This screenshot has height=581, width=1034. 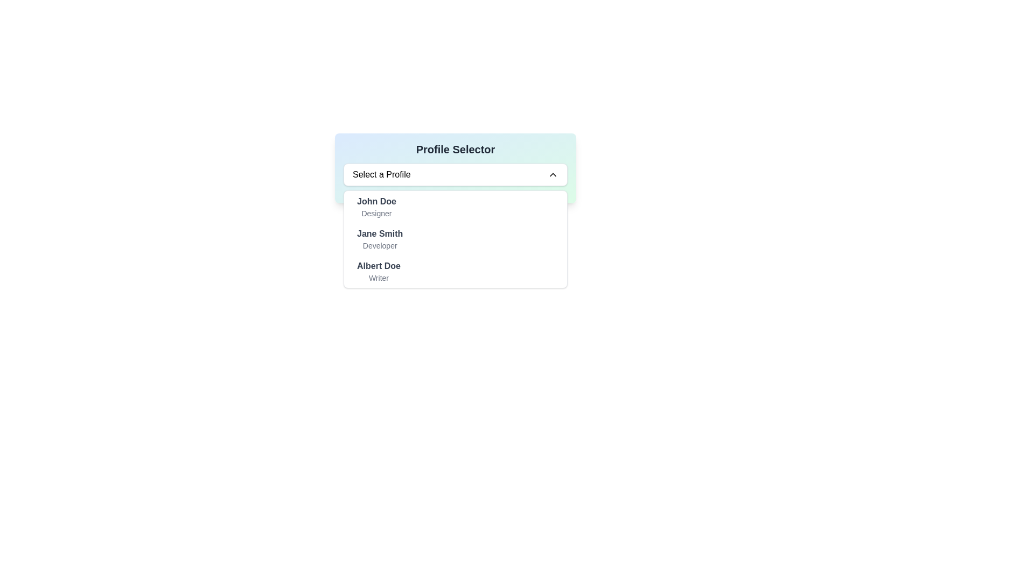 I want to click on the dropdown menu item labeled 'John Doe' that is the first option in the 'Profile Selector' dropdown for keyboard navigation, so click(x=455, y=207).